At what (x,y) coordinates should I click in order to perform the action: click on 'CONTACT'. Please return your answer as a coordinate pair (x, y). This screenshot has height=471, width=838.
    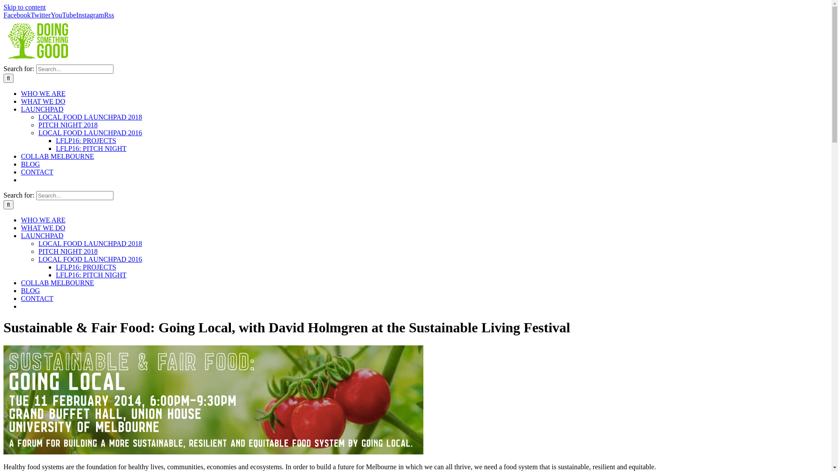
    Looking at the image, I should click on (37, 172).